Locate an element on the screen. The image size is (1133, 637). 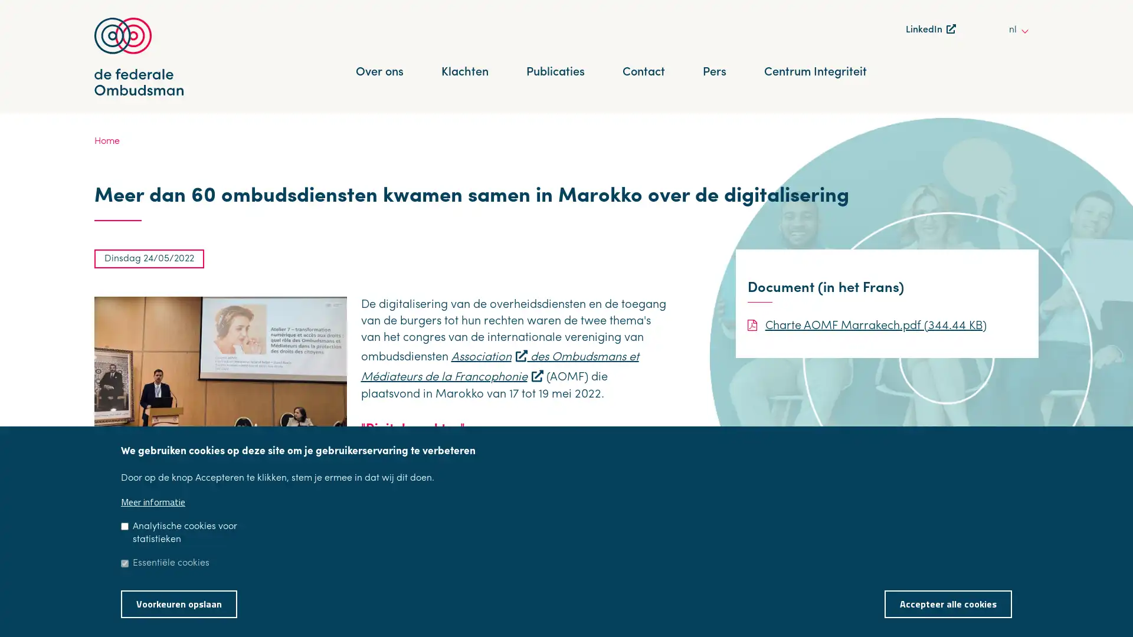
Accepteer alle cookies is located at coordinates (948, 603).